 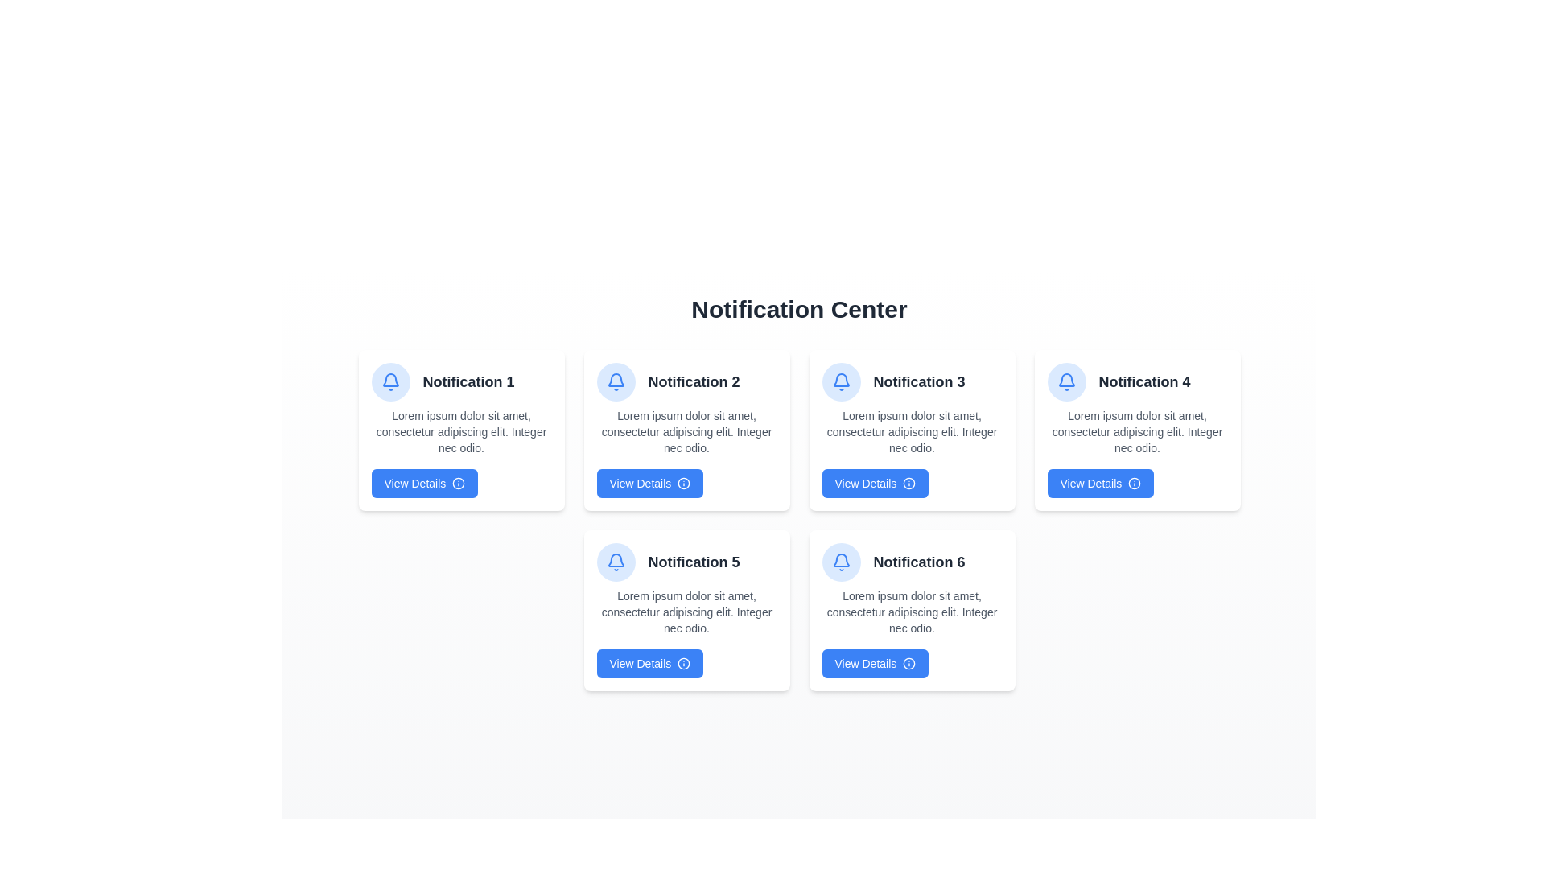 What do you see at coordinates (1099, 483) in the screenshot?
I see `the 'View Details' button with a medium blue background and rounded corners located at the bottom of the fourth notification card in the Notification Center` at bounding box center [1099, 483].